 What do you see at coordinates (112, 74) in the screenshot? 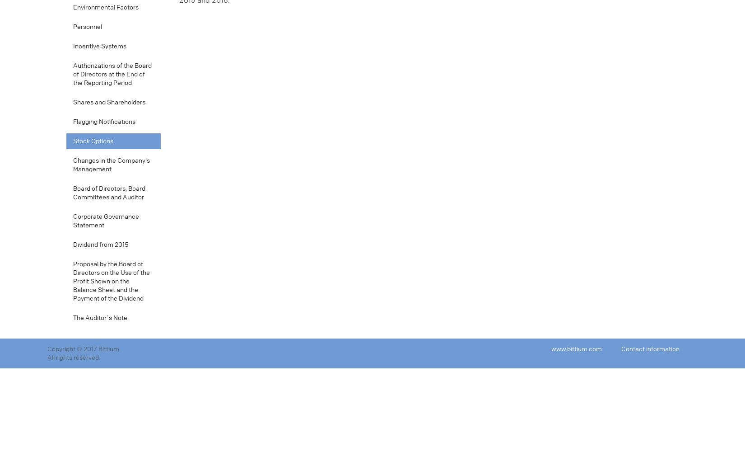
I see `'Authorizations of the Board of Directors at the End of the Reporting Period'` at bounding box center [112, 74].